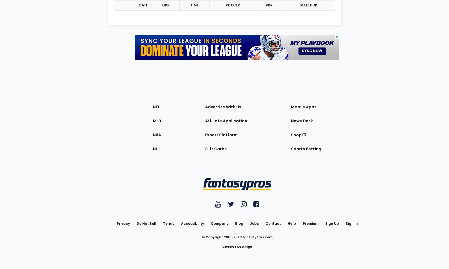 This screenshot has width=449, height=269. Describe the element at coordinates (156, 107) in the screenshot. I see `'NFL'` at that location.